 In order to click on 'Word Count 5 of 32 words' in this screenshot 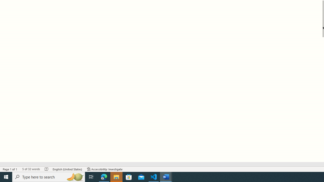, I will do `click(31, 169)`.